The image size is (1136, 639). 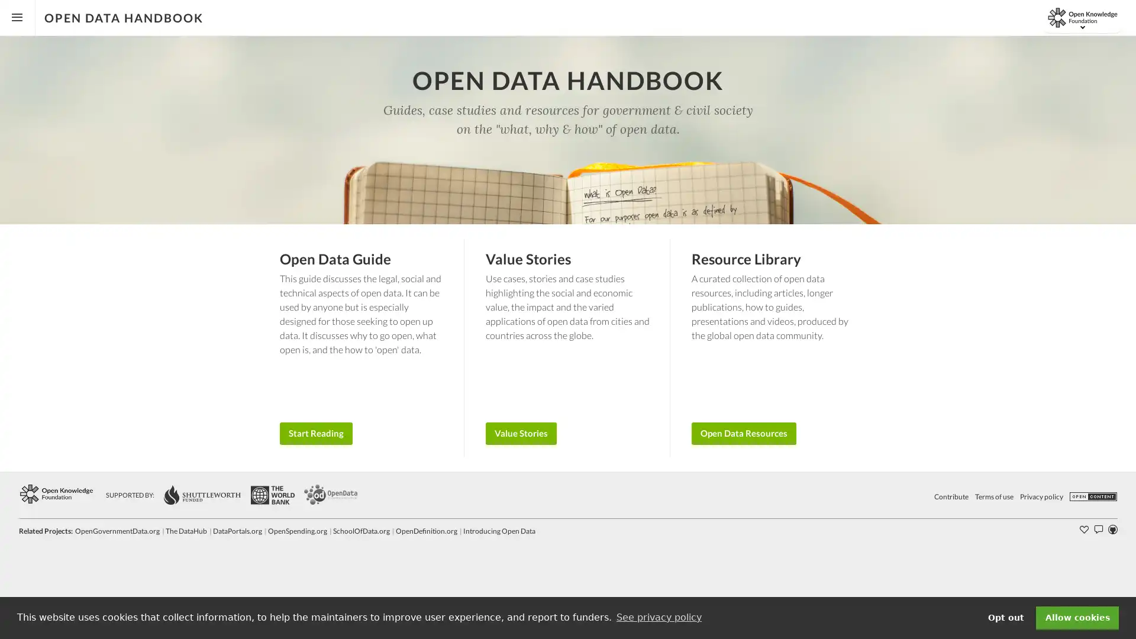 I want to click on deny cookies, so click(x=1005, y=617).